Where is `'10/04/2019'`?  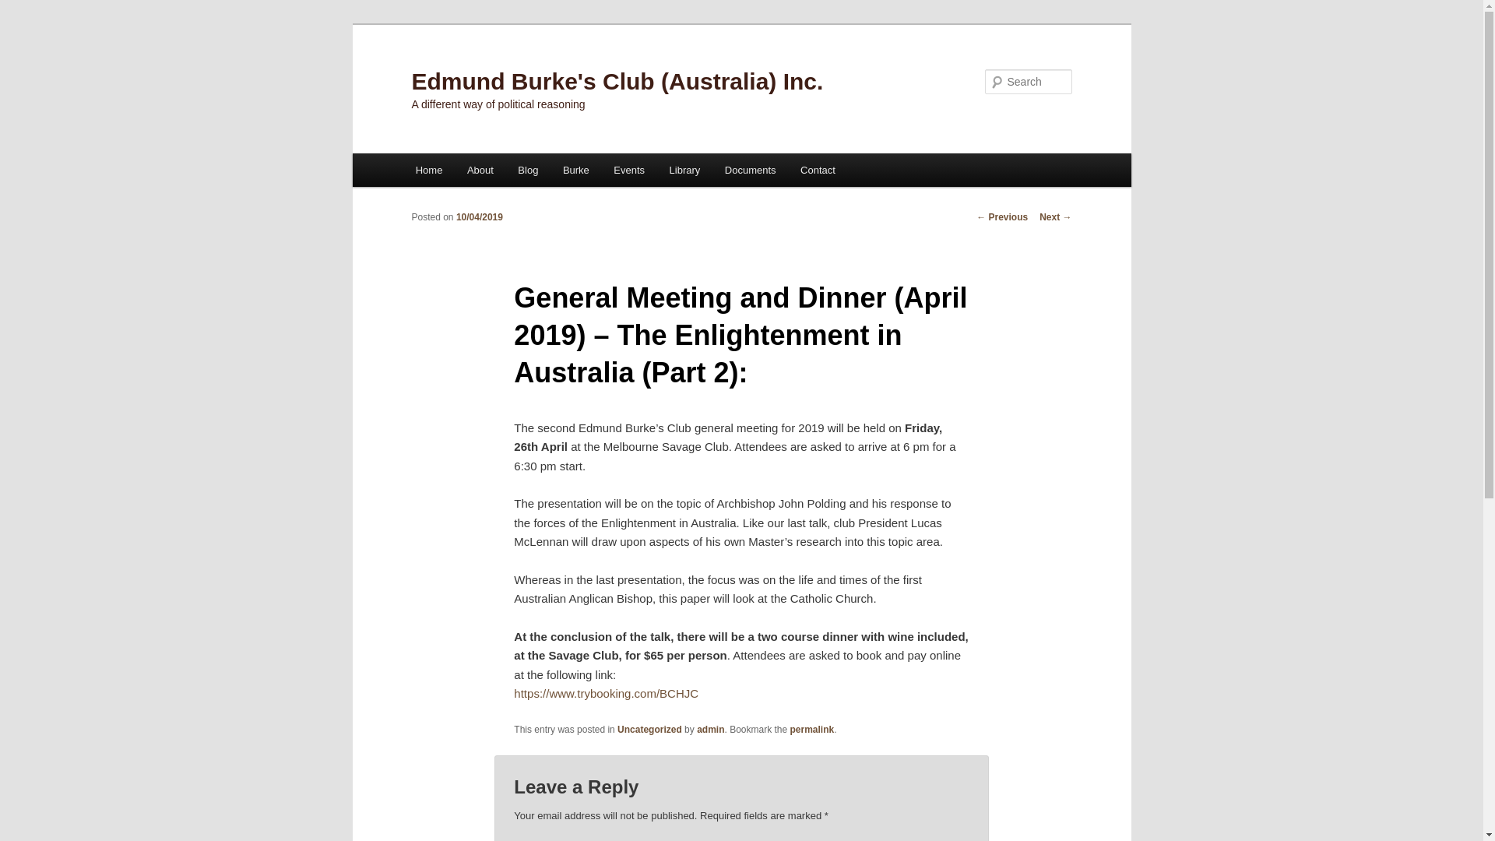
'10/04/2019' is located at coordinates (478, 216).